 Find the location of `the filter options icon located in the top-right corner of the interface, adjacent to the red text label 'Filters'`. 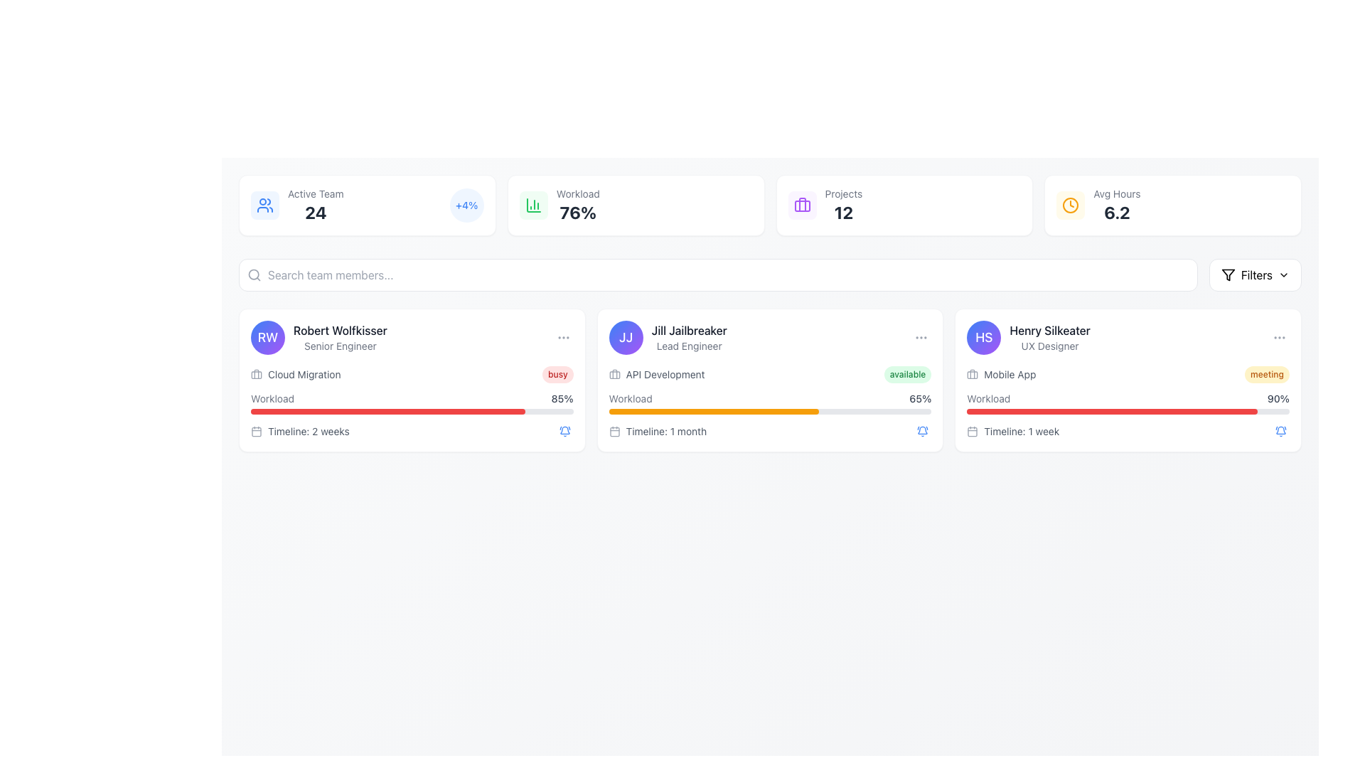

the filter options icon located in the top-right corner of the interface, adjacent to the red text label 'Filters' is located at coordinates (1227, 274).